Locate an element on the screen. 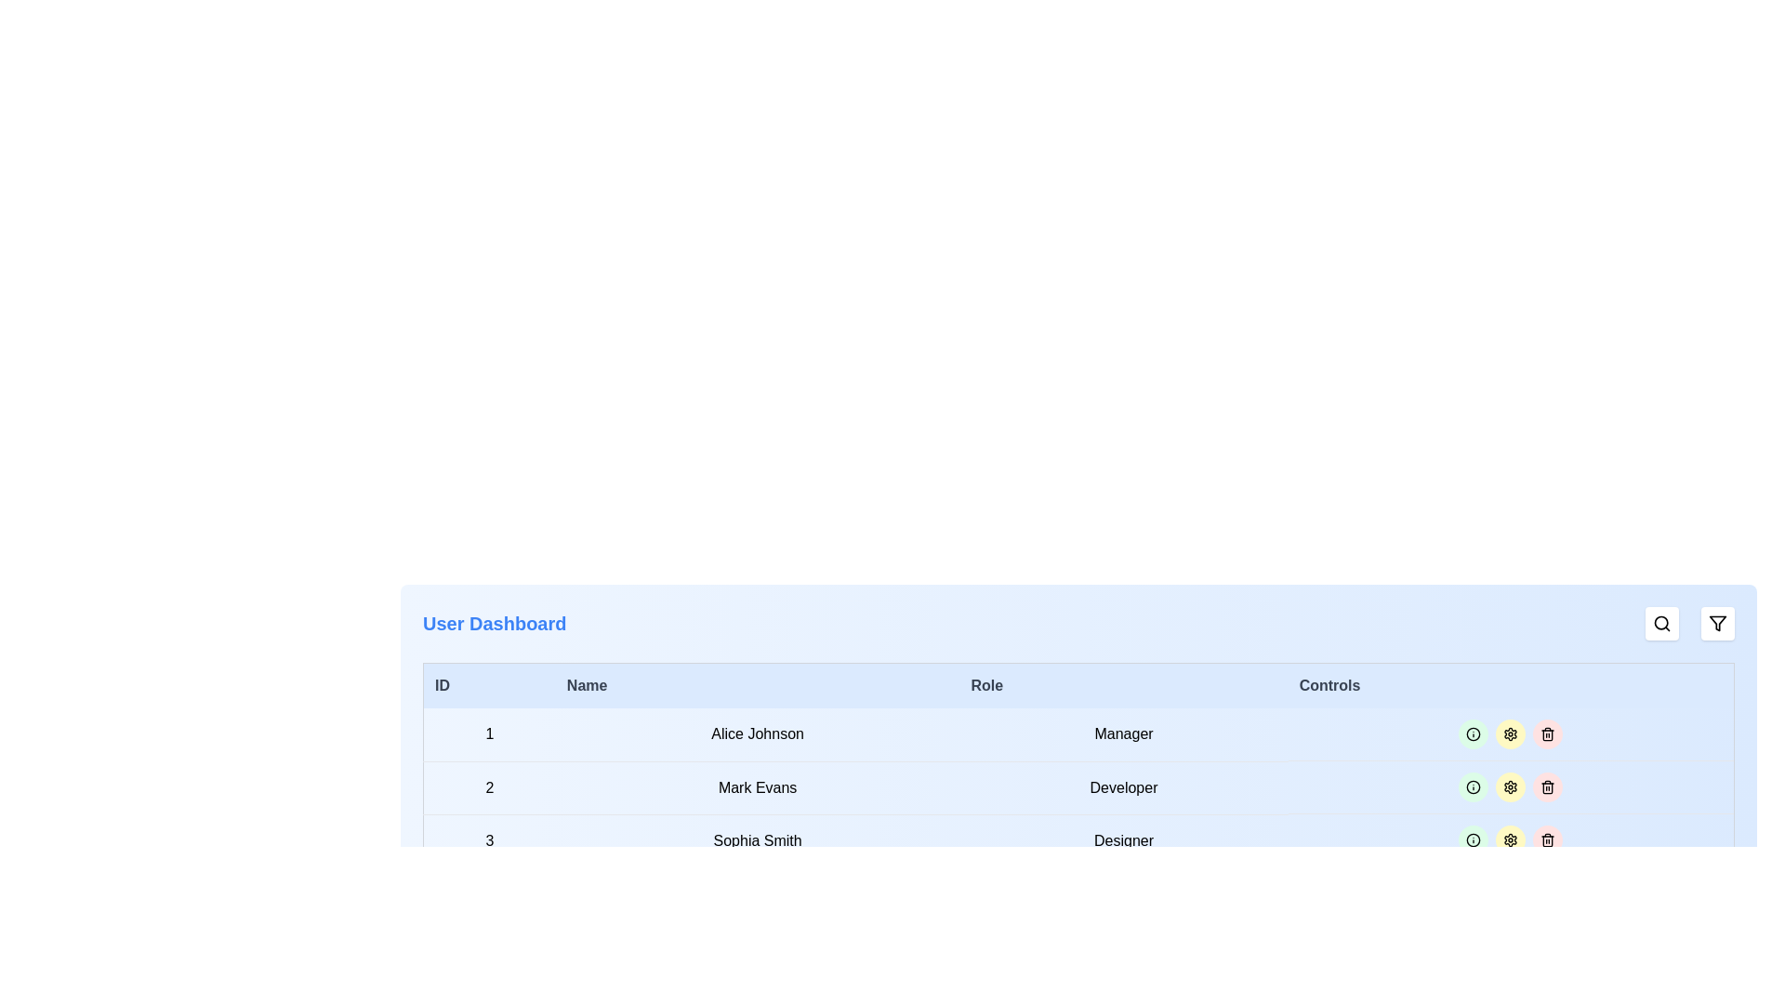 The width and height of the screenshot is (1785, 1004). the gear-like 'settings' icon located in the 'Controls' column of the table, positioned as the middle icon among three horizontal icons is located at coordinates (1511, 787).